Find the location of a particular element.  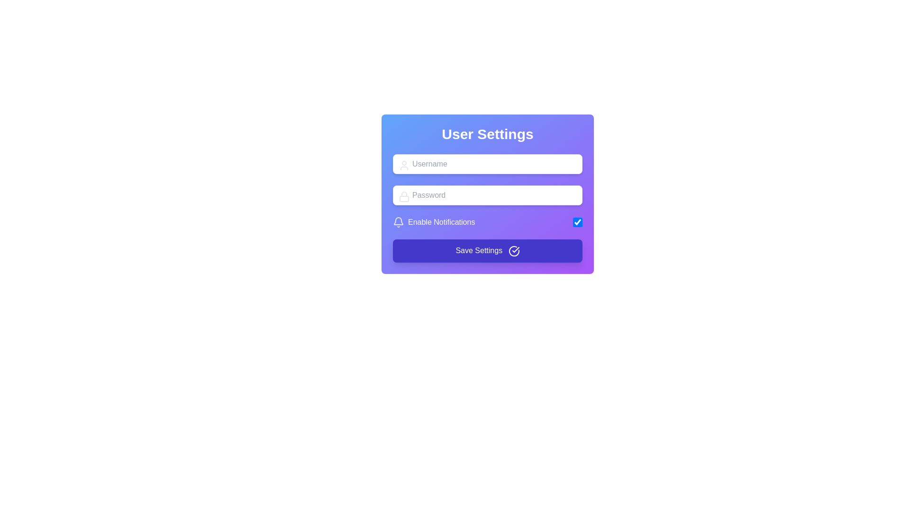

the gray bell icon located to the left of the 'Enable Notifications' text in the settings section is located at coordinates (398, 222).